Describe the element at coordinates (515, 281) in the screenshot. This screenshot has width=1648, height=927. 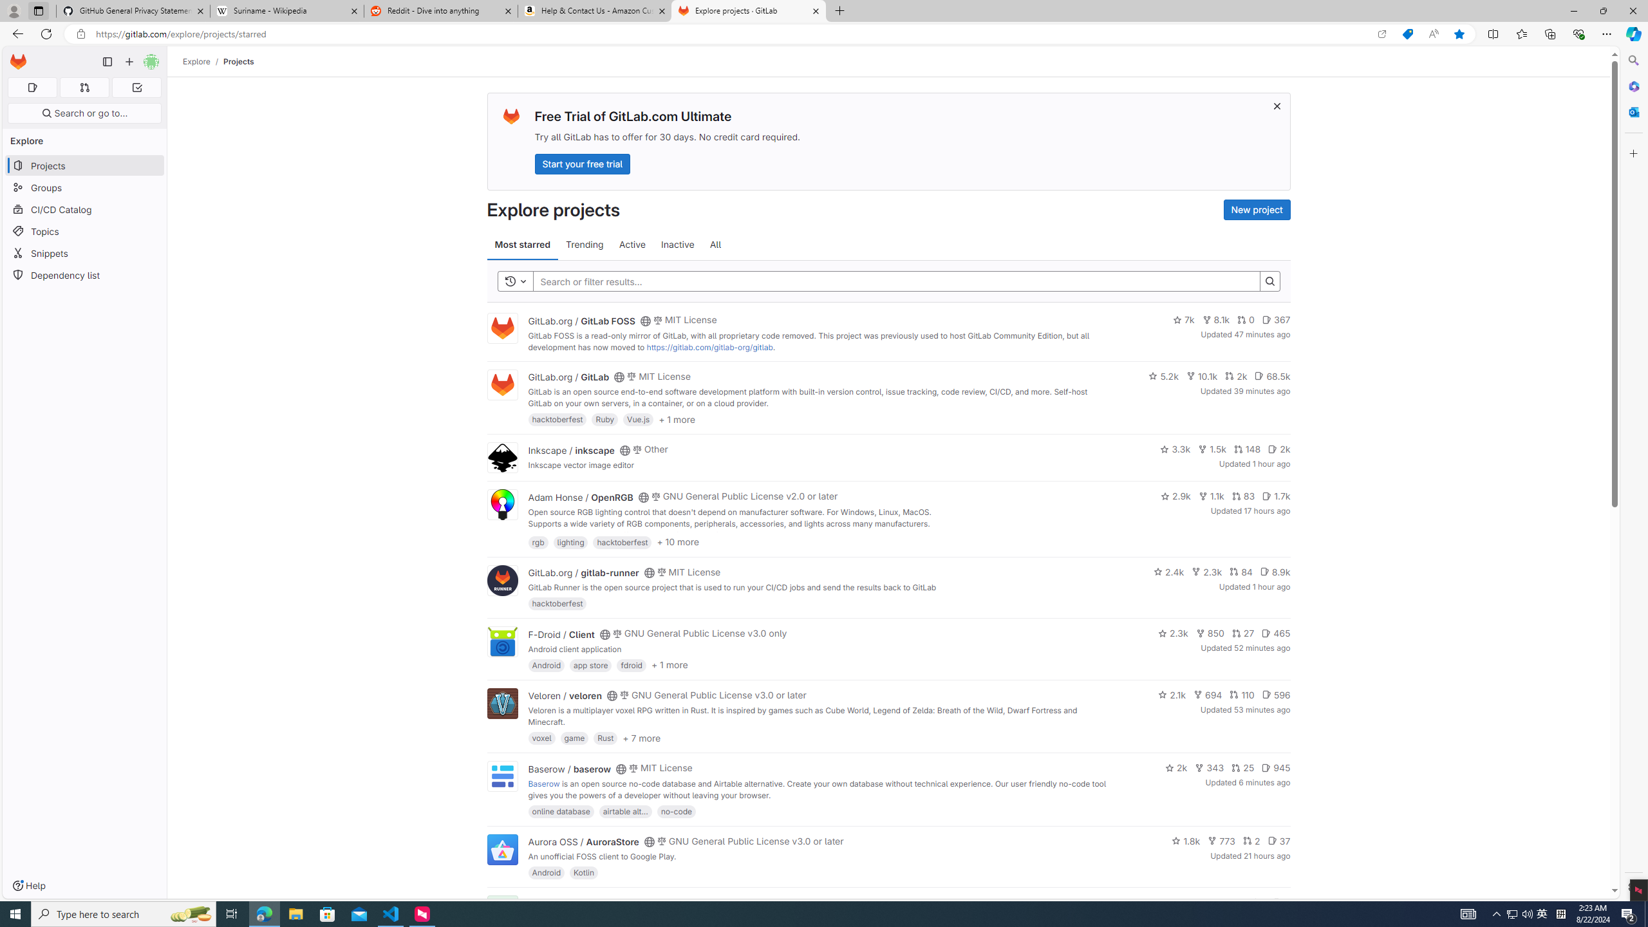
I see `'Toggle history'` at that location.